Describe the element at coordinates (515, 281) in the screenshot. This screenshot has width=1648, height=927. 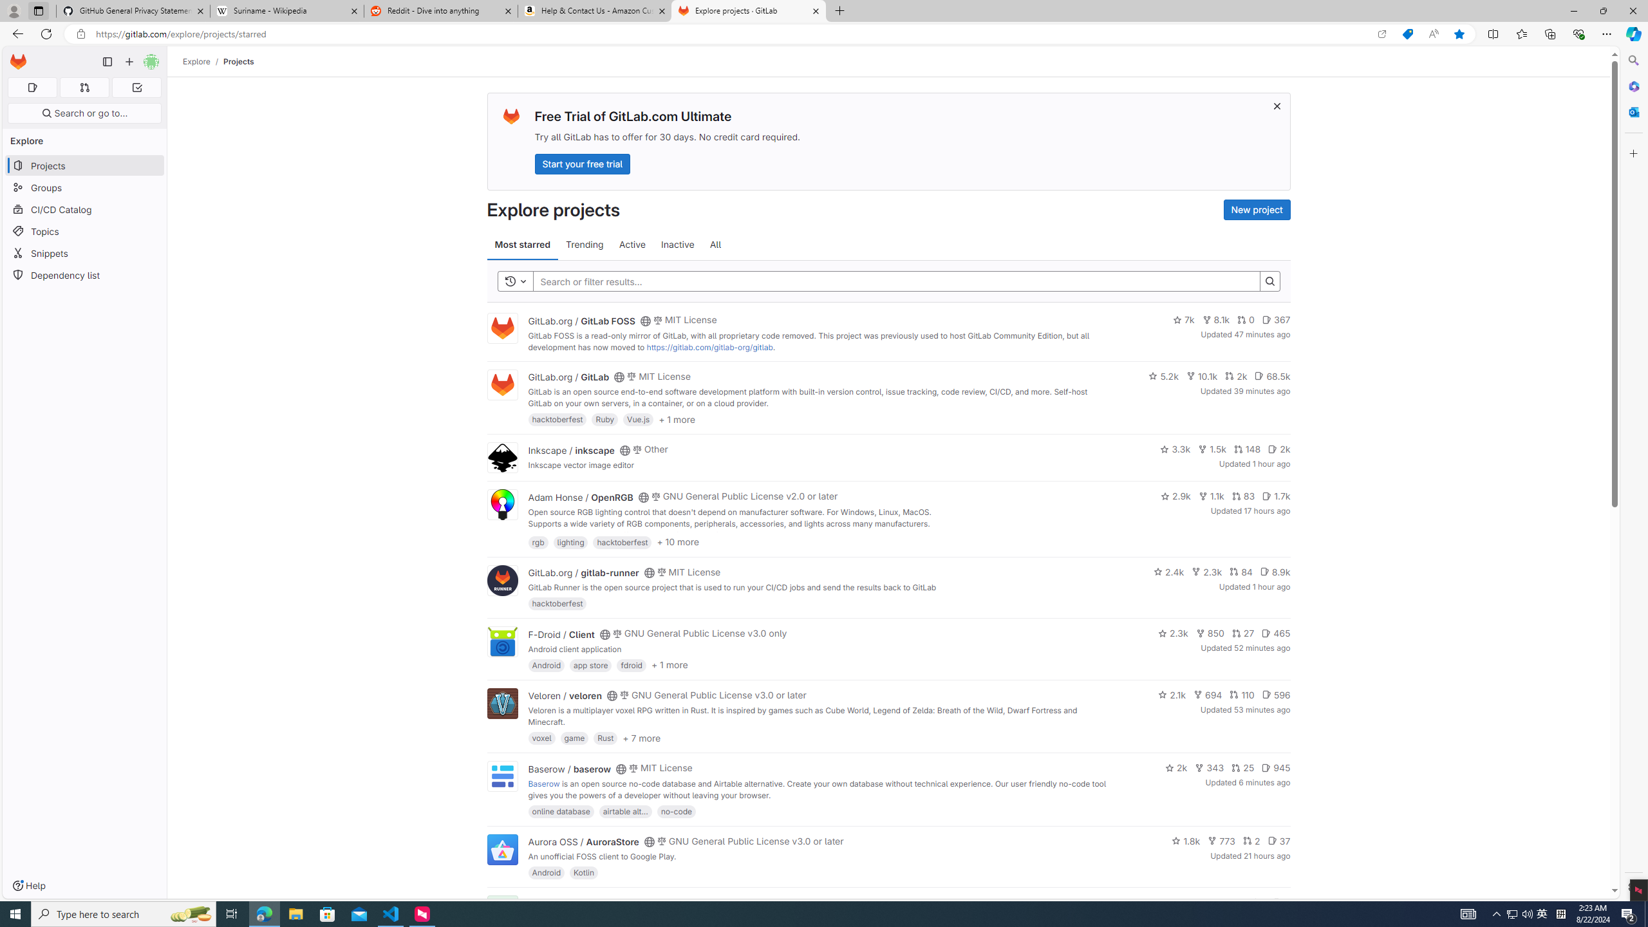
I see `'Toggle history'` at that location.